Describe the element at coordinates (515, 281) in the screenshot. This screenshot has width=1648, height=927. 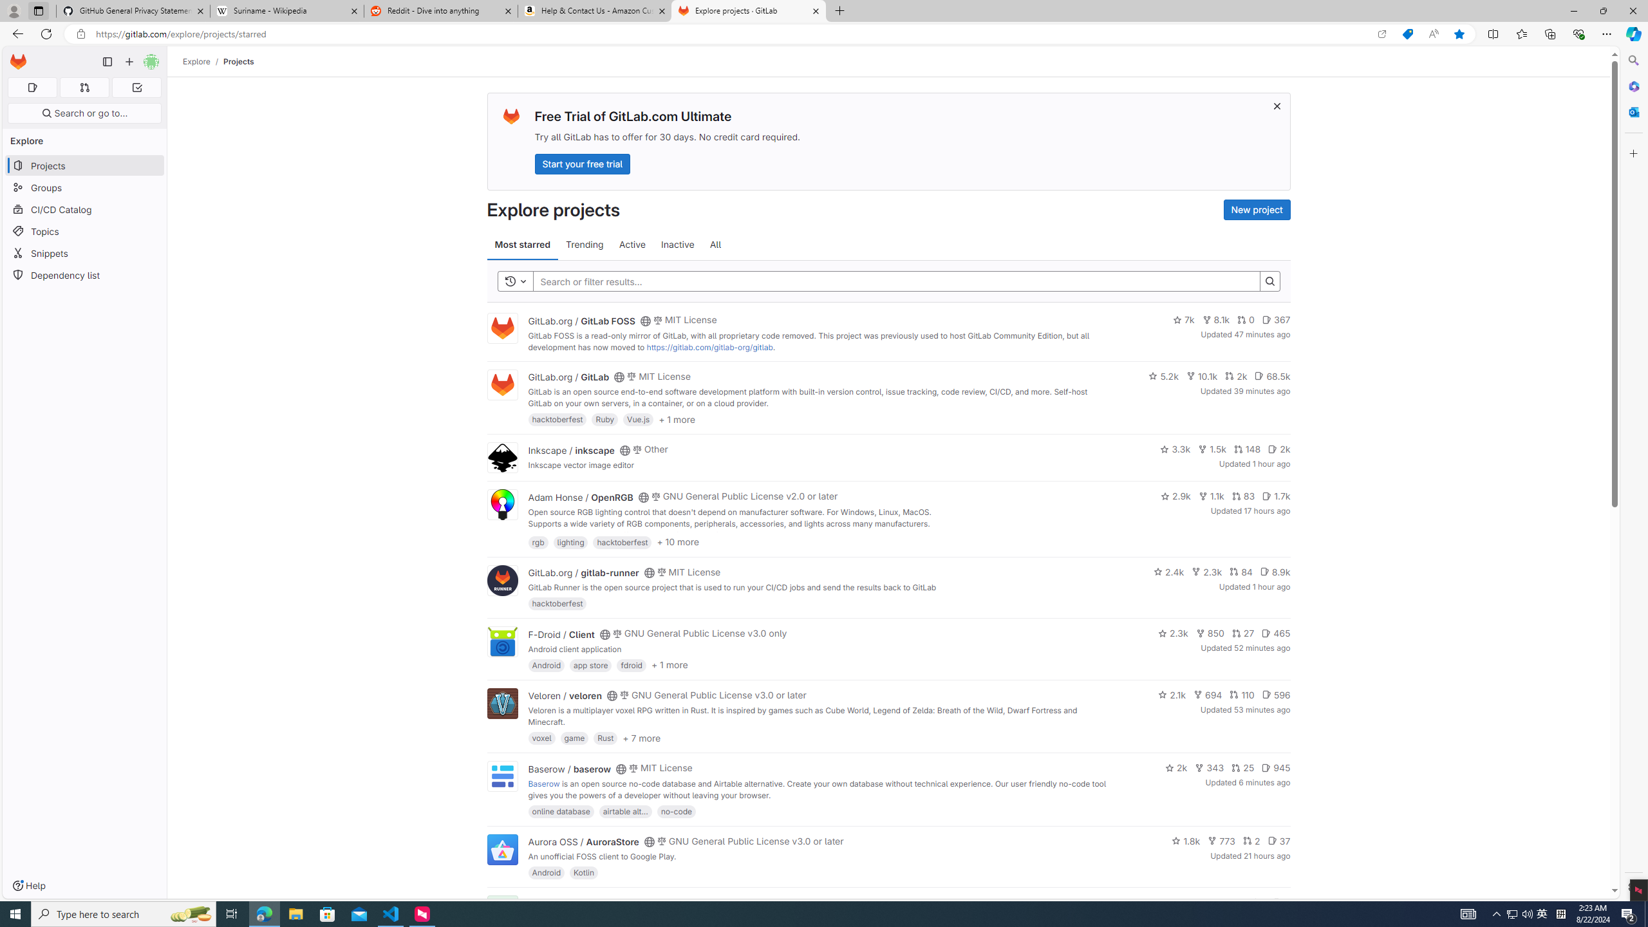
I see `'Toggle history'` at that location.